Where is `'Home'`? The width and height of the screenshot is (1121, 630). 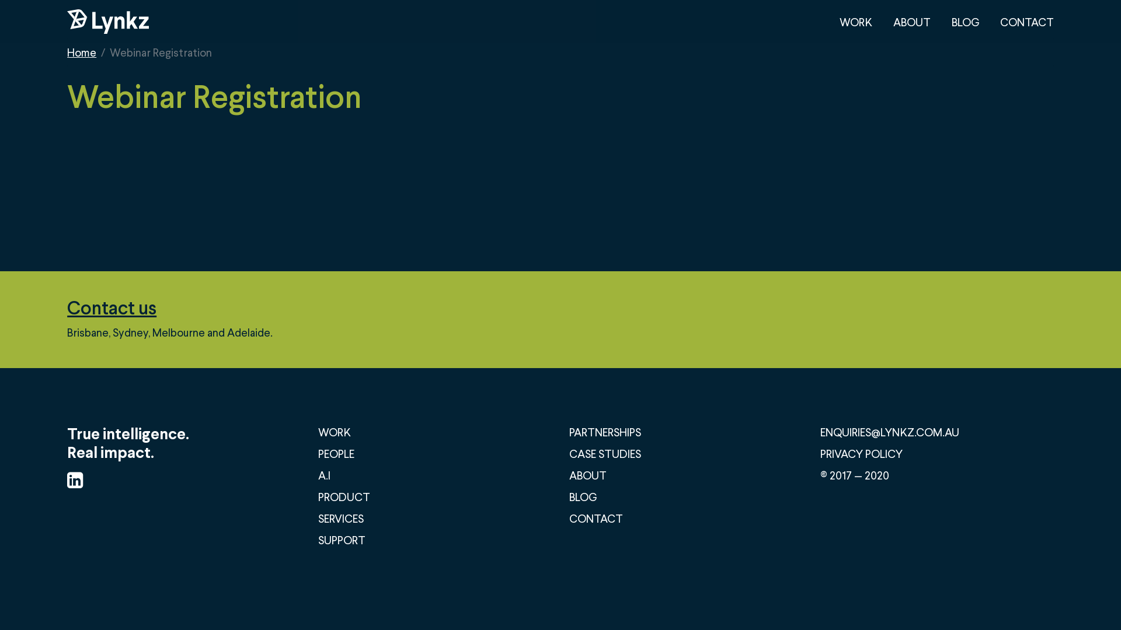
'Home' is located at coordinates (81, 51).